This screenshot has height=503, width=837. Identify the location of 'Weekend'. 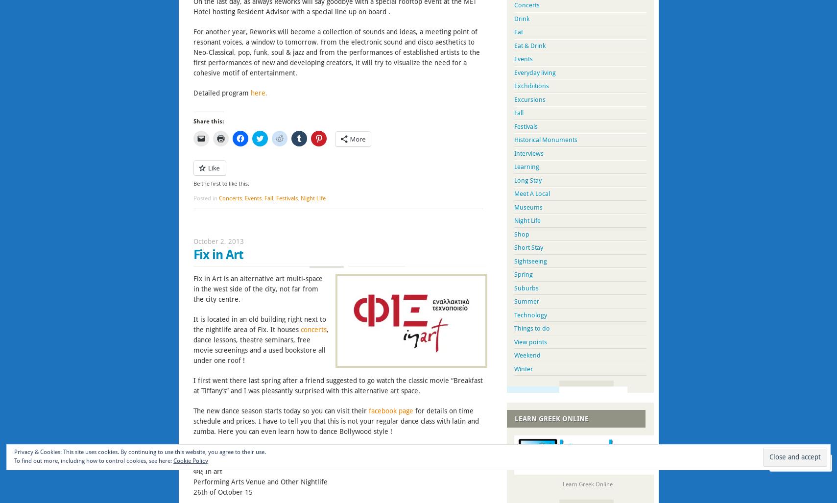
(526, 355).